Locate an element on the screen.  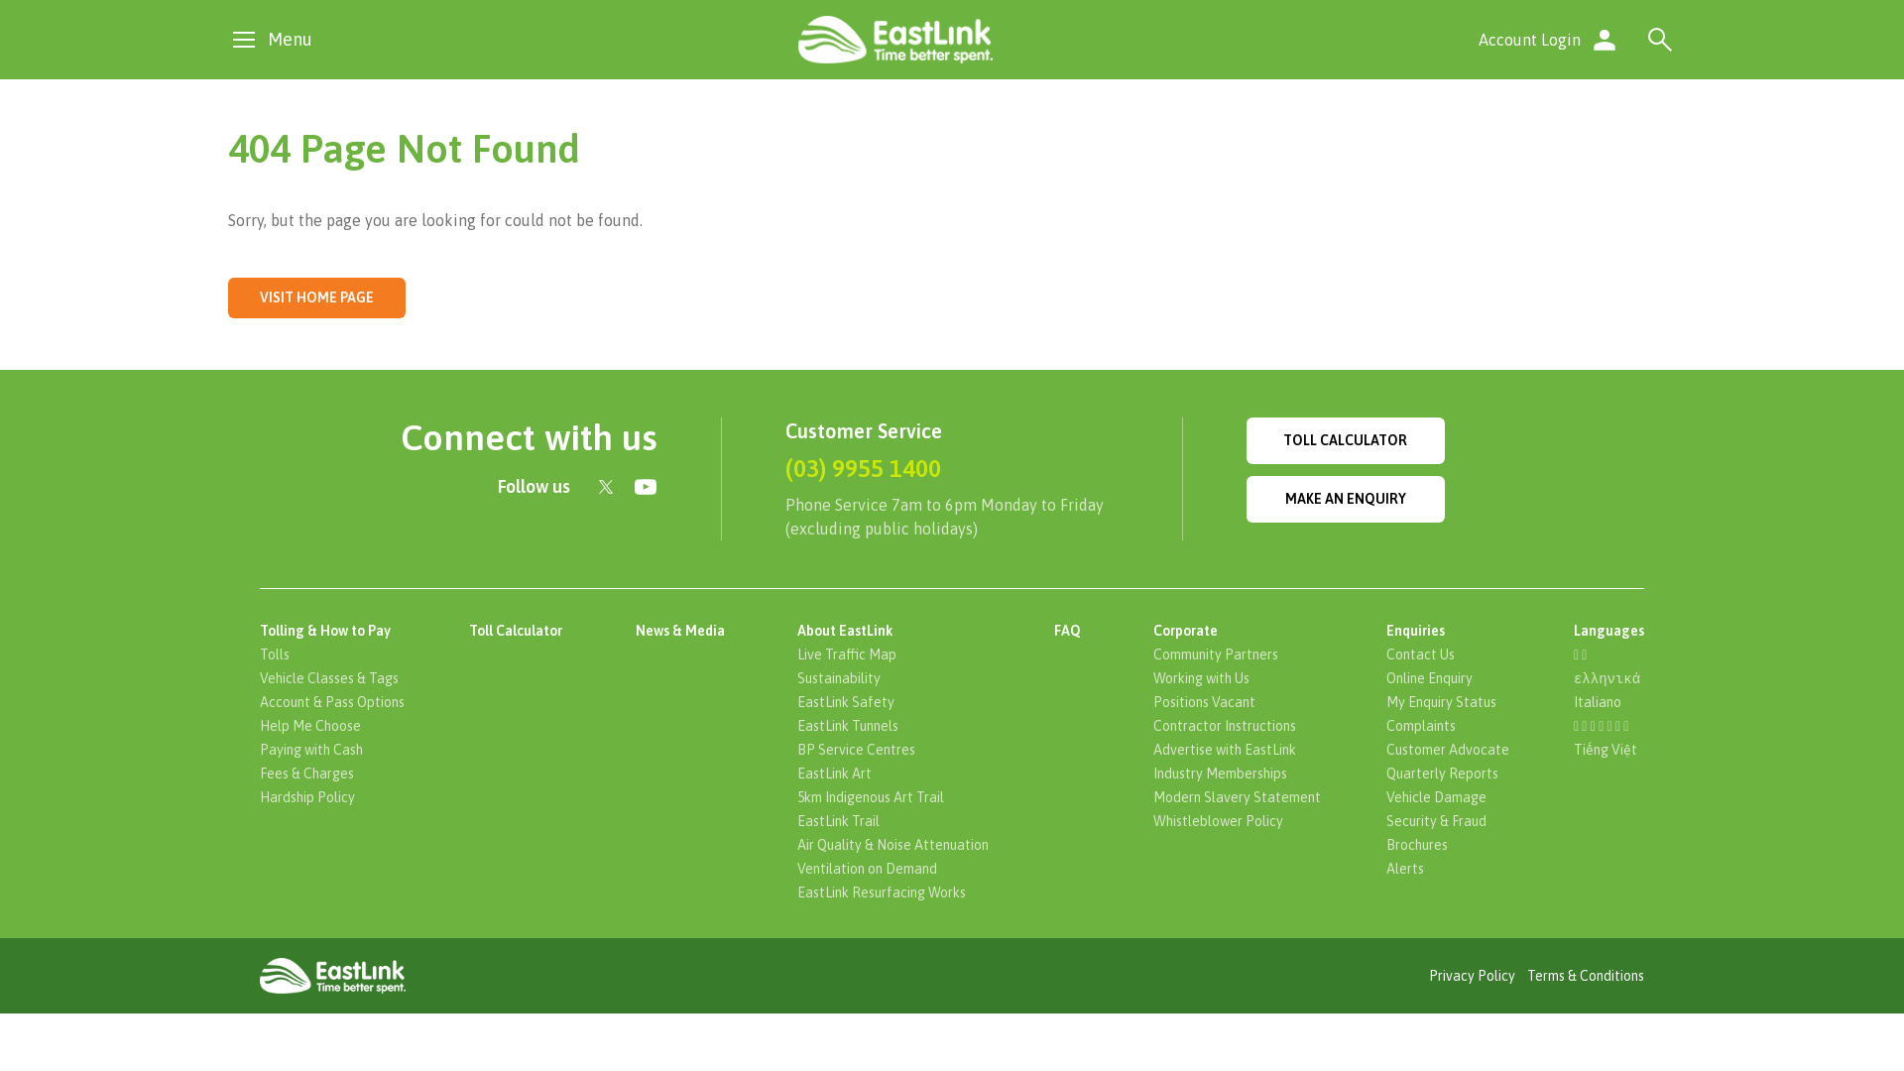
'Online Enquiry' is located at coordinates (1384, 676).